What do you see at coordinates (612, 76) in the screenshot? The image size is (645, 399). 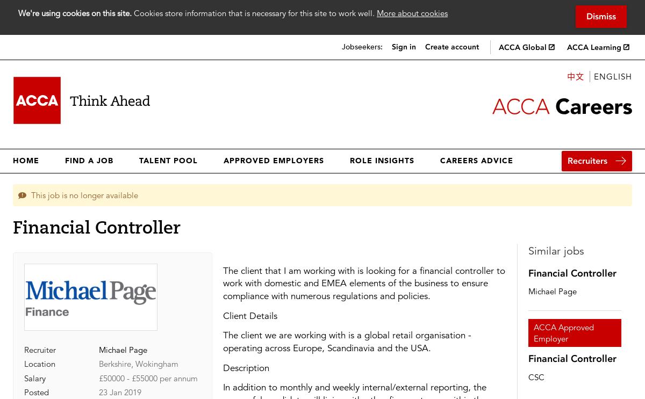 I see `'English'` at bounding box center [612, 76].